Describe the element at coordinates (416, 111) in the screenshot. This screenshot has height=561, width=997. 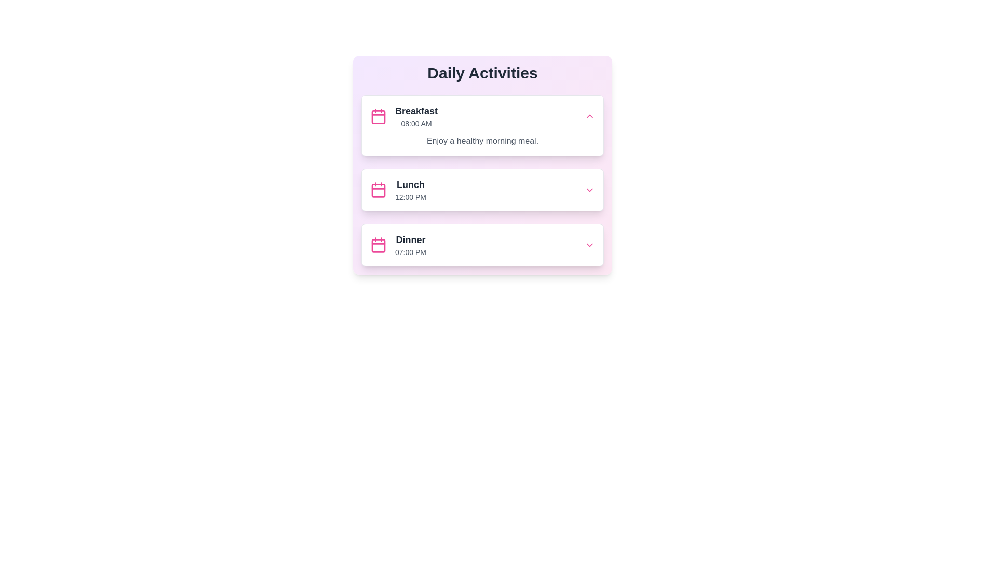
I see `the 'Breakfast' title label in the Daily Activities panel, which identifies the specific activity and is positioned above '08:00 AM.'` at that location.